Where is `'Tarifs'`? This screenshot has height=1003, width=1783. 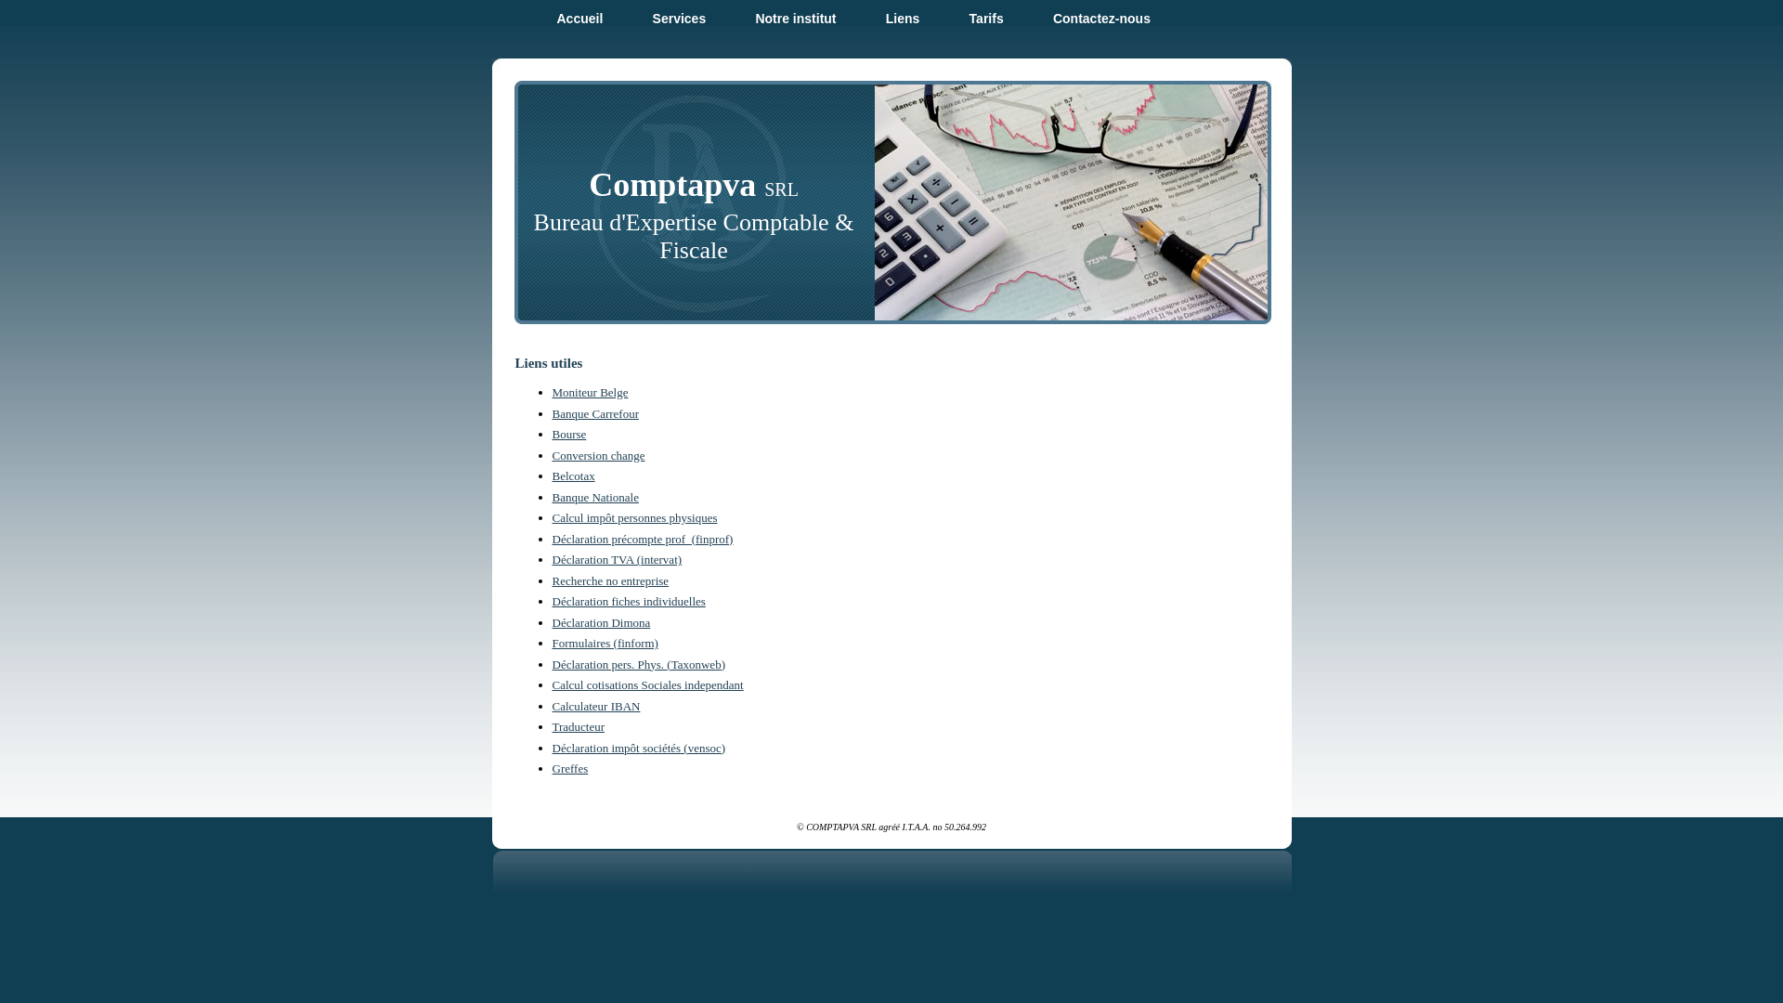 'Tarifs' is located at coordinates (985, 18).